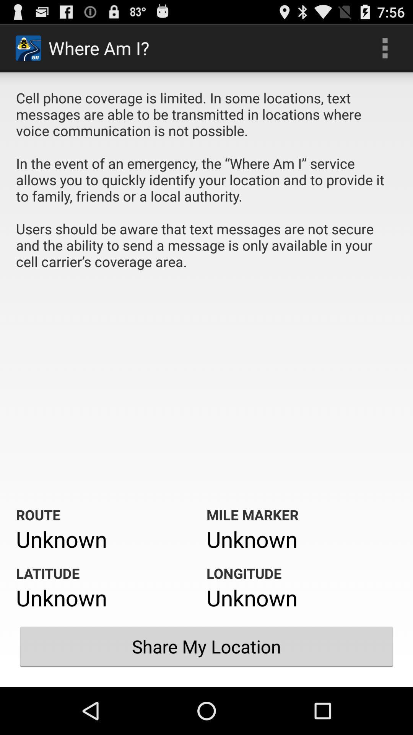 The width and height of the screenshot is (413, 735). Describe the element at coordinates (385, 47) in the screenshot. I see `icon at the top right corner` at that location.